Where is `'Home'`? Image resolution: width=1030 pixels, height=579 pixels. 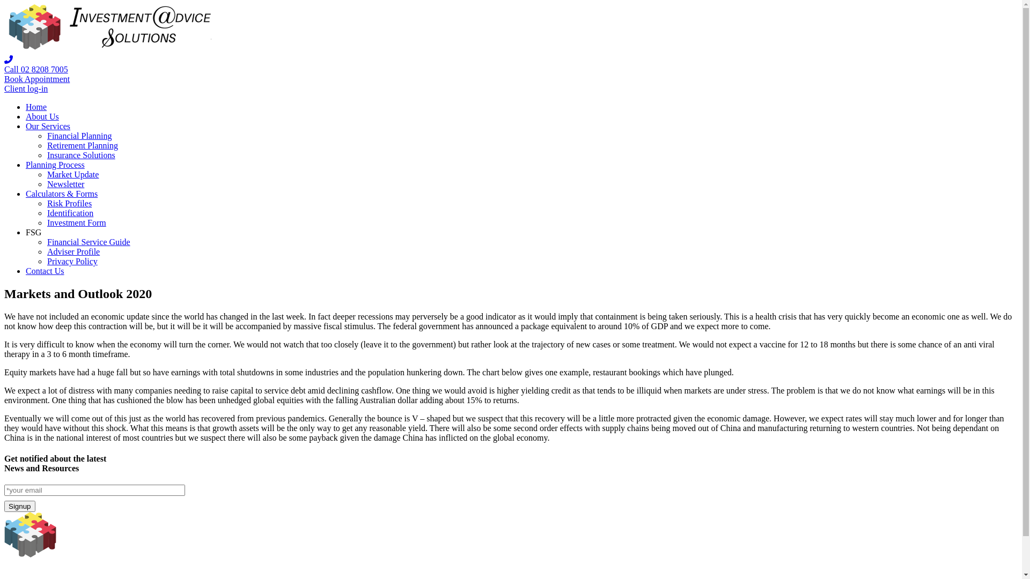 'Home' is located at coordinates (36, 107).